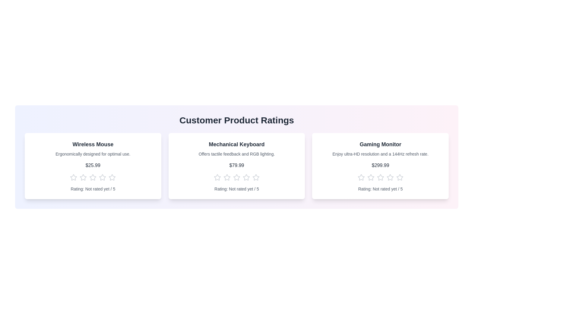 This screenshot has width=579, height=325. What do you see at coordinates (92, 177) in the screenshot?
I see `the star corresponding to the rating 3 for the product Wireless Mouse` at bounding box center [92, 177].